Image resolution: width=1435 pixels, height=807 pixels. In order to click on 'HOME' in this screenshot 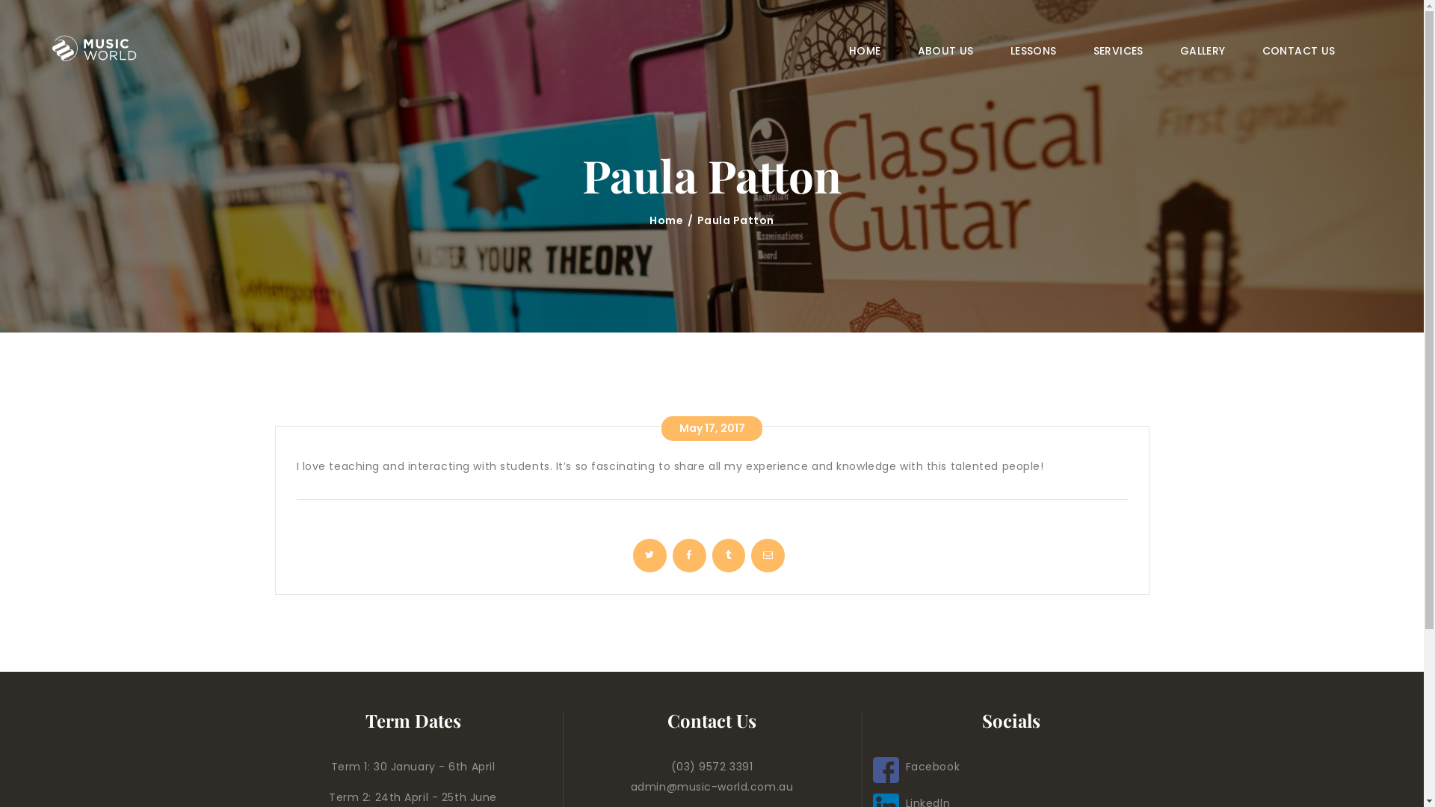, I will do `click(865, 50)`.